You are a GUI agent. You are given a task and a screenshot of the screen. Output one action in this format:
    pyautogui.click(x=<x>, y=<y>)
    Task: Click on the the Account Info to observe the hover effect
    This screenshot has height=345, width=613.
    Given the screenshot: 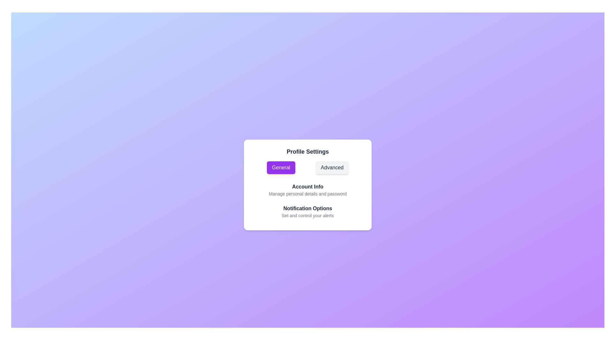 What is the action you would take?
    pyautogui.click(x=308, y=189)
    